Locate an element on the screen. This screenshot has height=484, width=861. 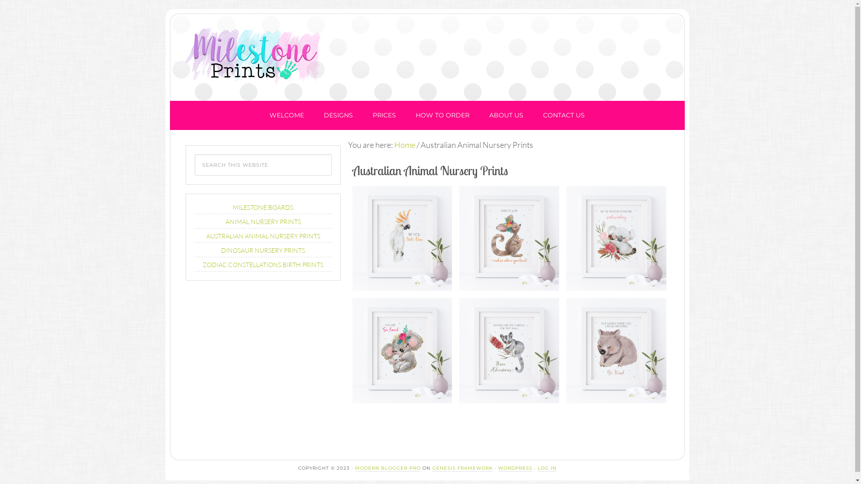
'AUSTRALIAN ANIMAL NURSERY PRINTS' is located at coordinates (262, 235).